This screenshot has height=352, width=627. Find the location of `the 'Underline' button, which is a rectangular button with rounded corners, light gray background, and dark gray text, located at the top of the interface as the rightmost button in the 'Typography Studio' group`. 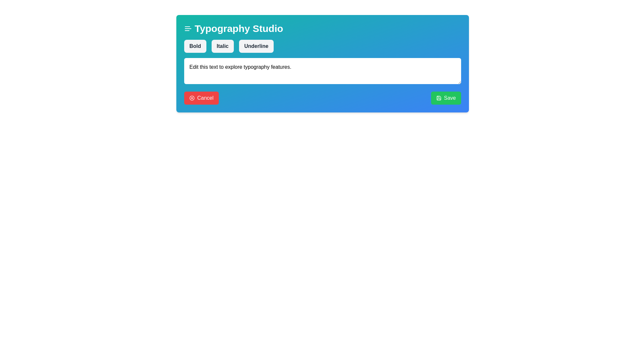

the 'Underline' button, which is a rectangular button with rounded corners, light gray background, and dark gray text, located at the top of the interface as the rightmost button in the 'Typography Studio' group is located at coordinates (256, 46).